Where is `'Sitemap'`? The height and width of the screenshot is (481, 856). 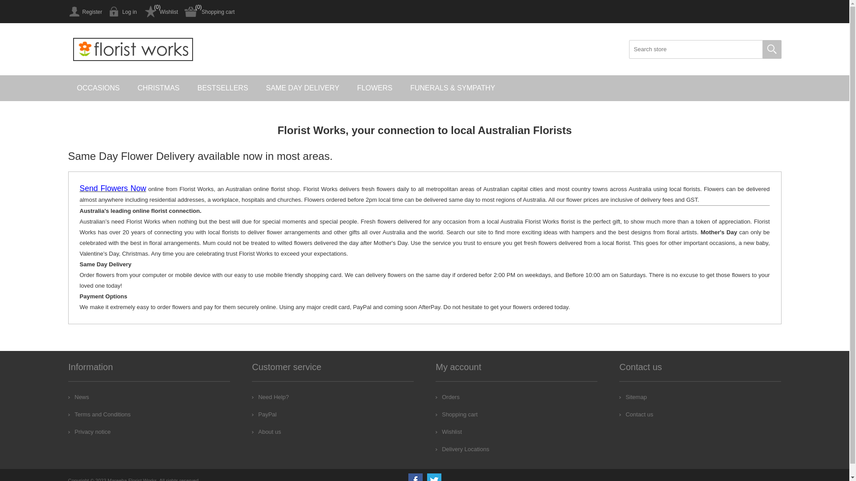 'Sitemap' is located at coordinates (633, 396).